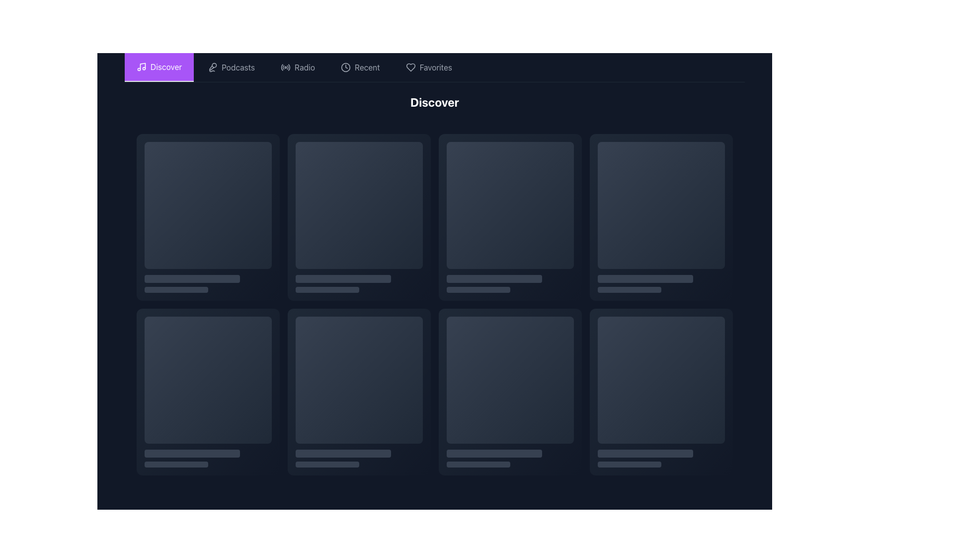 The height and width of the screenshot is (536, 954). Describe the element at coordinates (297, 67) in the screenshot. I see `the Navigation tab, which is the third tab in the horizontal navigation bar` at that location.